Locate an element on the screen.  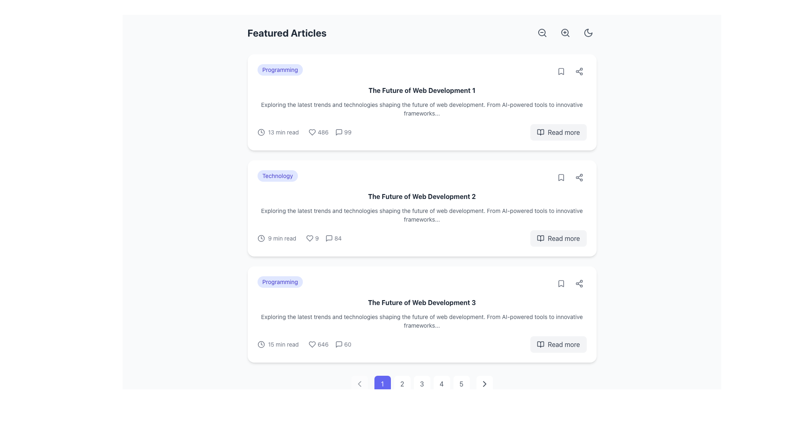
the category label badge located at the top-left corner of the first article card in the 'Featured Articles' section is located at coordinates (280, 69).